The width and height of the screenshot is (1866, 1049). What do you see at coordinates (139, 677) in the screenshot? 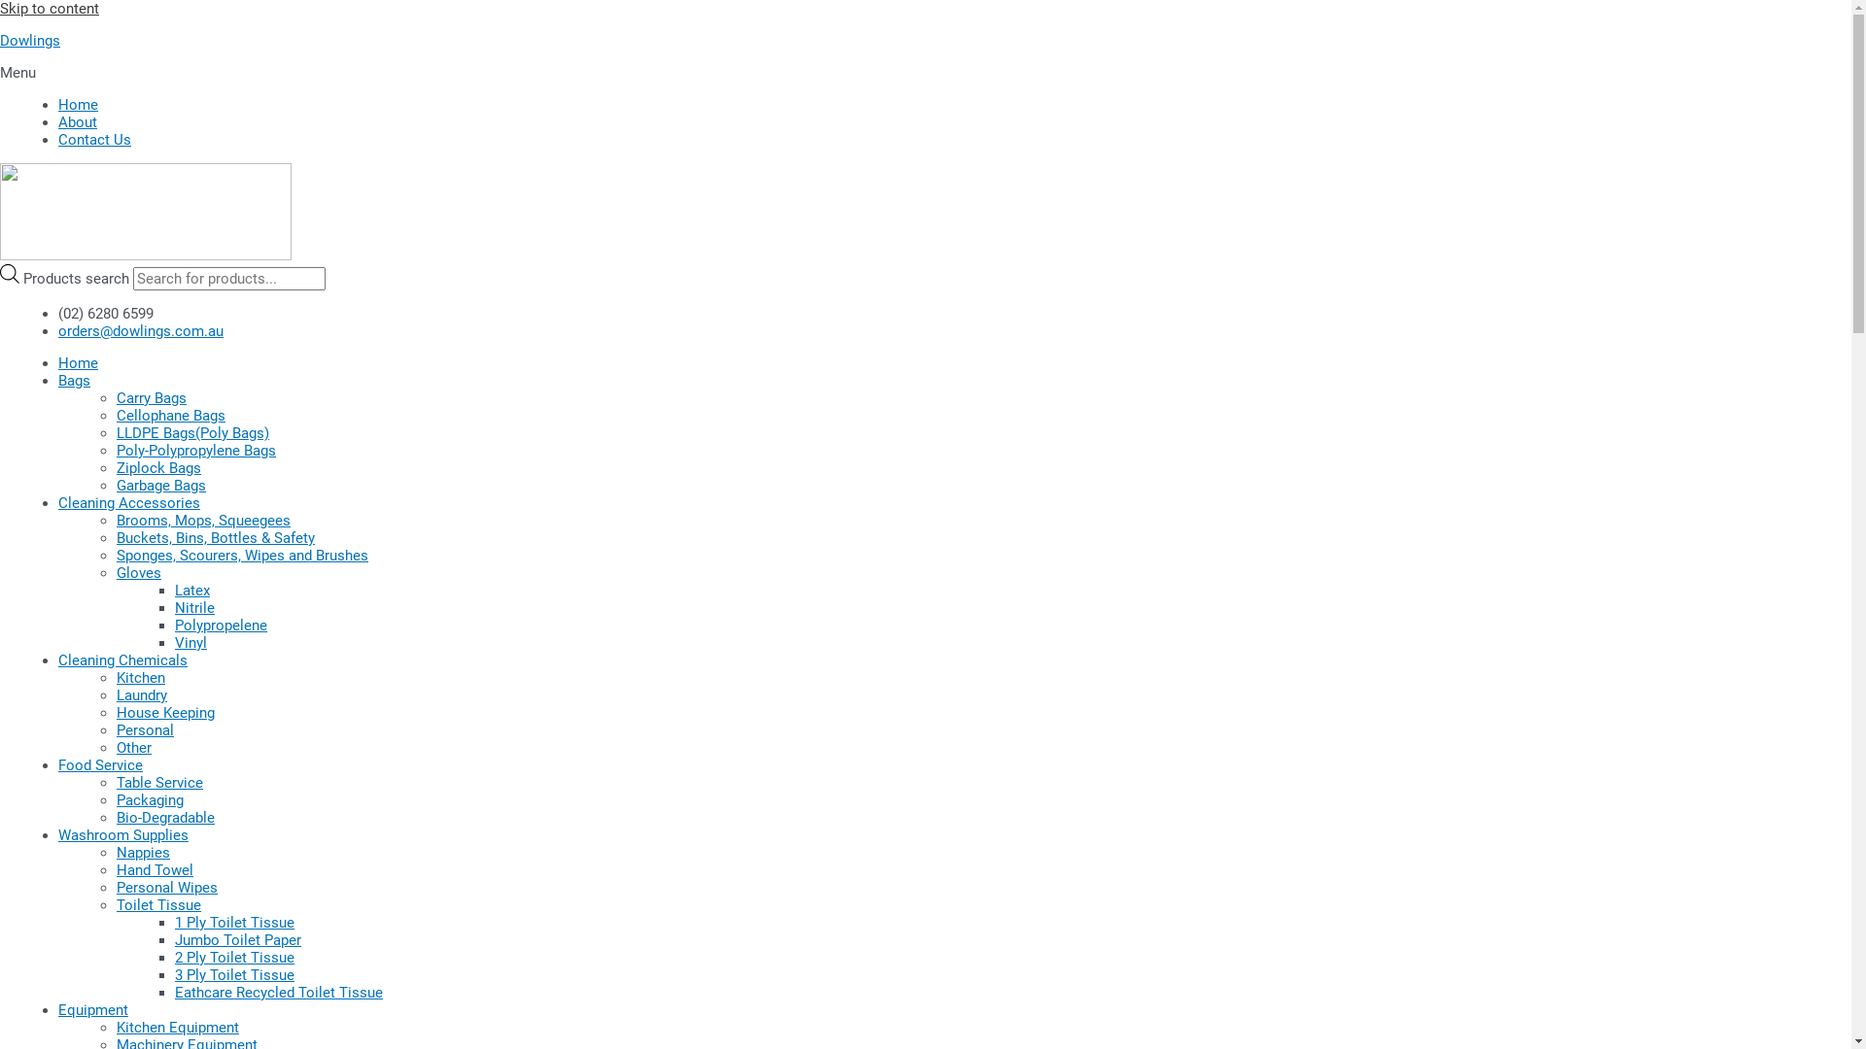
I see `'Kitchen'` at bounding box center [139, 677].